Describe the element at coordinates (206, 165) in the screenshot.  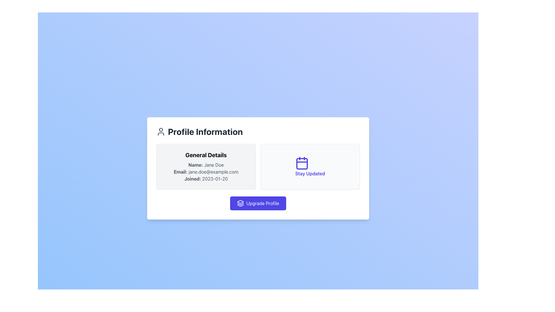
I see `the user's name display element located in the 'General Details' box, which is the first element in the vertical list` at that location.